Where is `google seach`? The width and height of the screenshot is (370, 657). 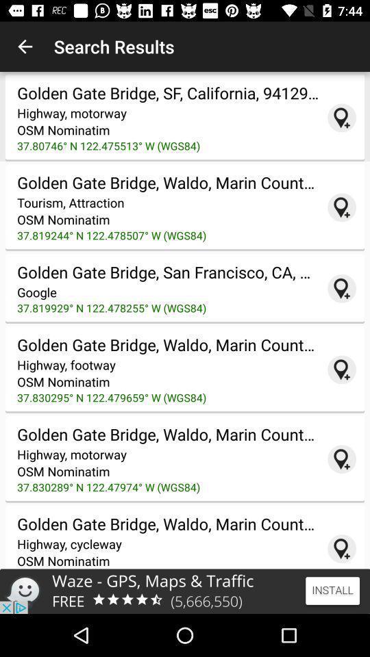 google seach is located at coordinates (341, 549).